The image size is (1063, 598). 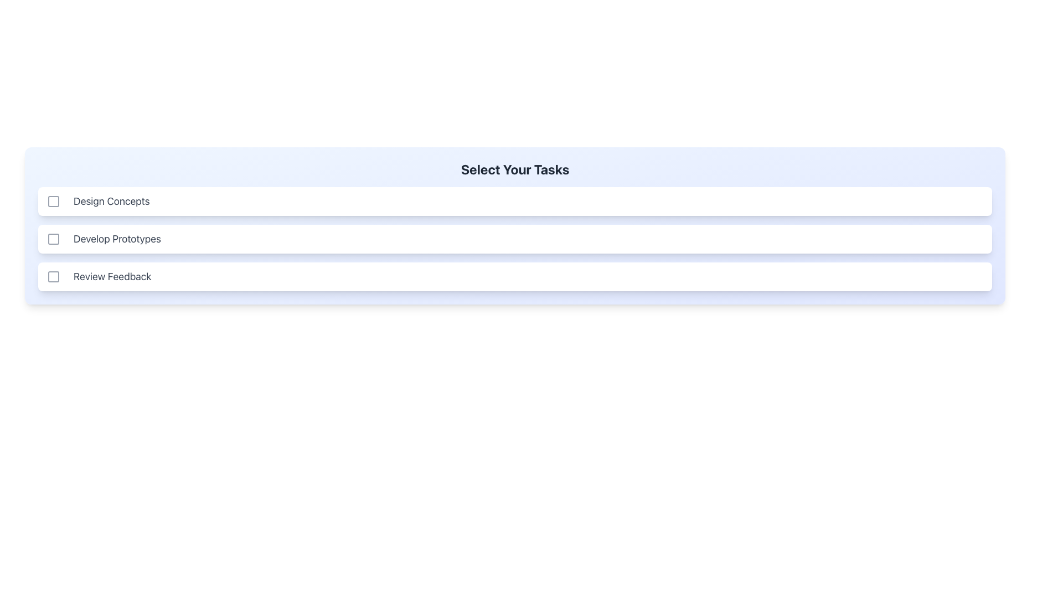 What do you see at coordinates (53, 201) in the screenshot?
I see `the Checkbox-like UI component that is the first task-related icon aligned to the left of the text 'Design Concepts'` at bounding box center [53, 201].